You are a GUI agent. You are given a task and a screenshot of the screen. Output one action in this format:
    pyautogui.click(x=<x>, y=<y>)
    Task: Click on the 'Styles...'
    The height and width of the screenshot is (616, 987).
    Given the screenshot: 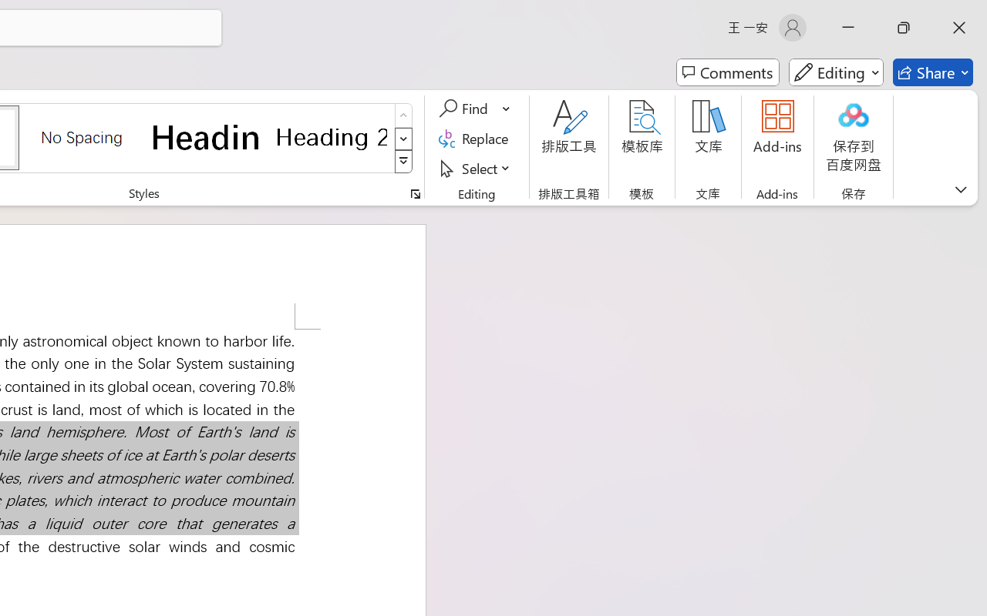 What is the action you would take?
    pyautogui.click(x=415, y=193)
    